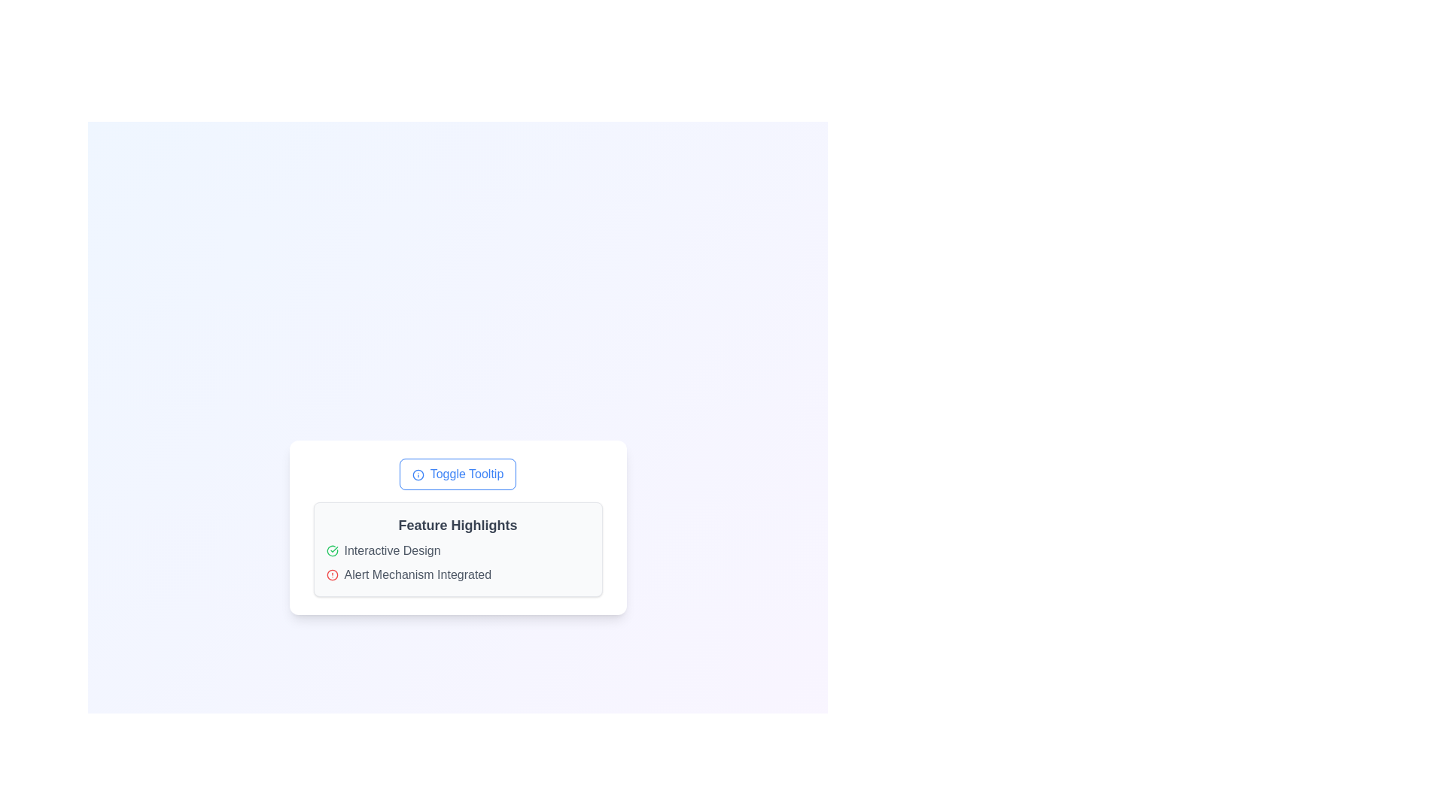 The image size is (1445, 812). I want to click on the text label that signifies the feature 'Interactive Design' within the 'Feature Highlights' card layout, so click(392, 550).